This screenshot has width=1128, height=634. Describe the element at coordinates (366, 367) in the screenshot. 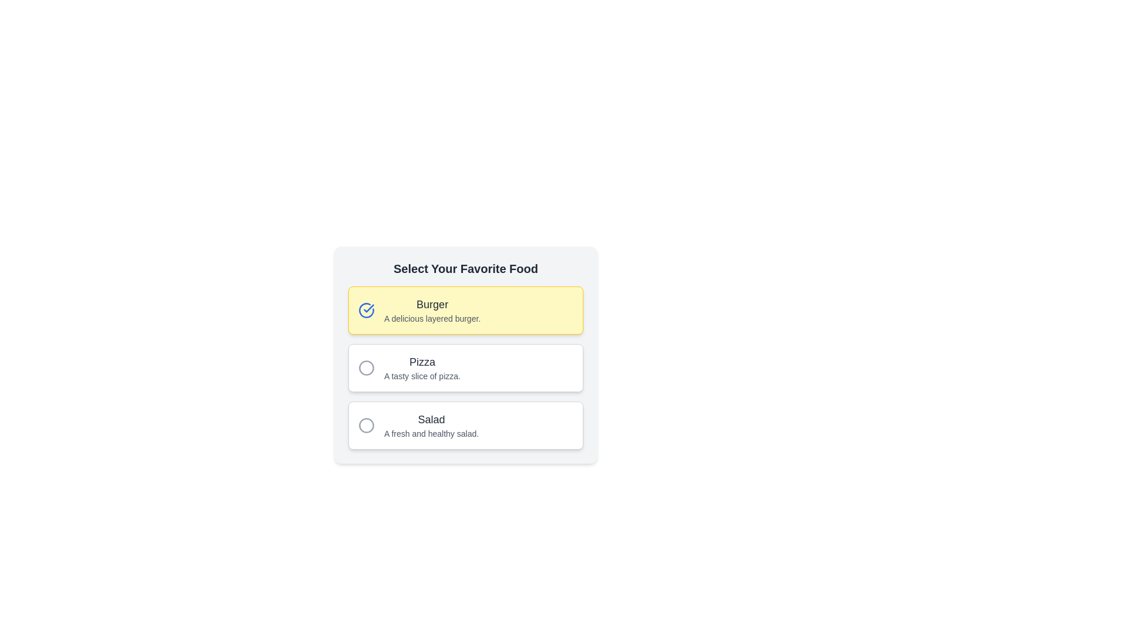

I see `the circular radio button indicator located in the second option row titled 'Pizza'` at that location.